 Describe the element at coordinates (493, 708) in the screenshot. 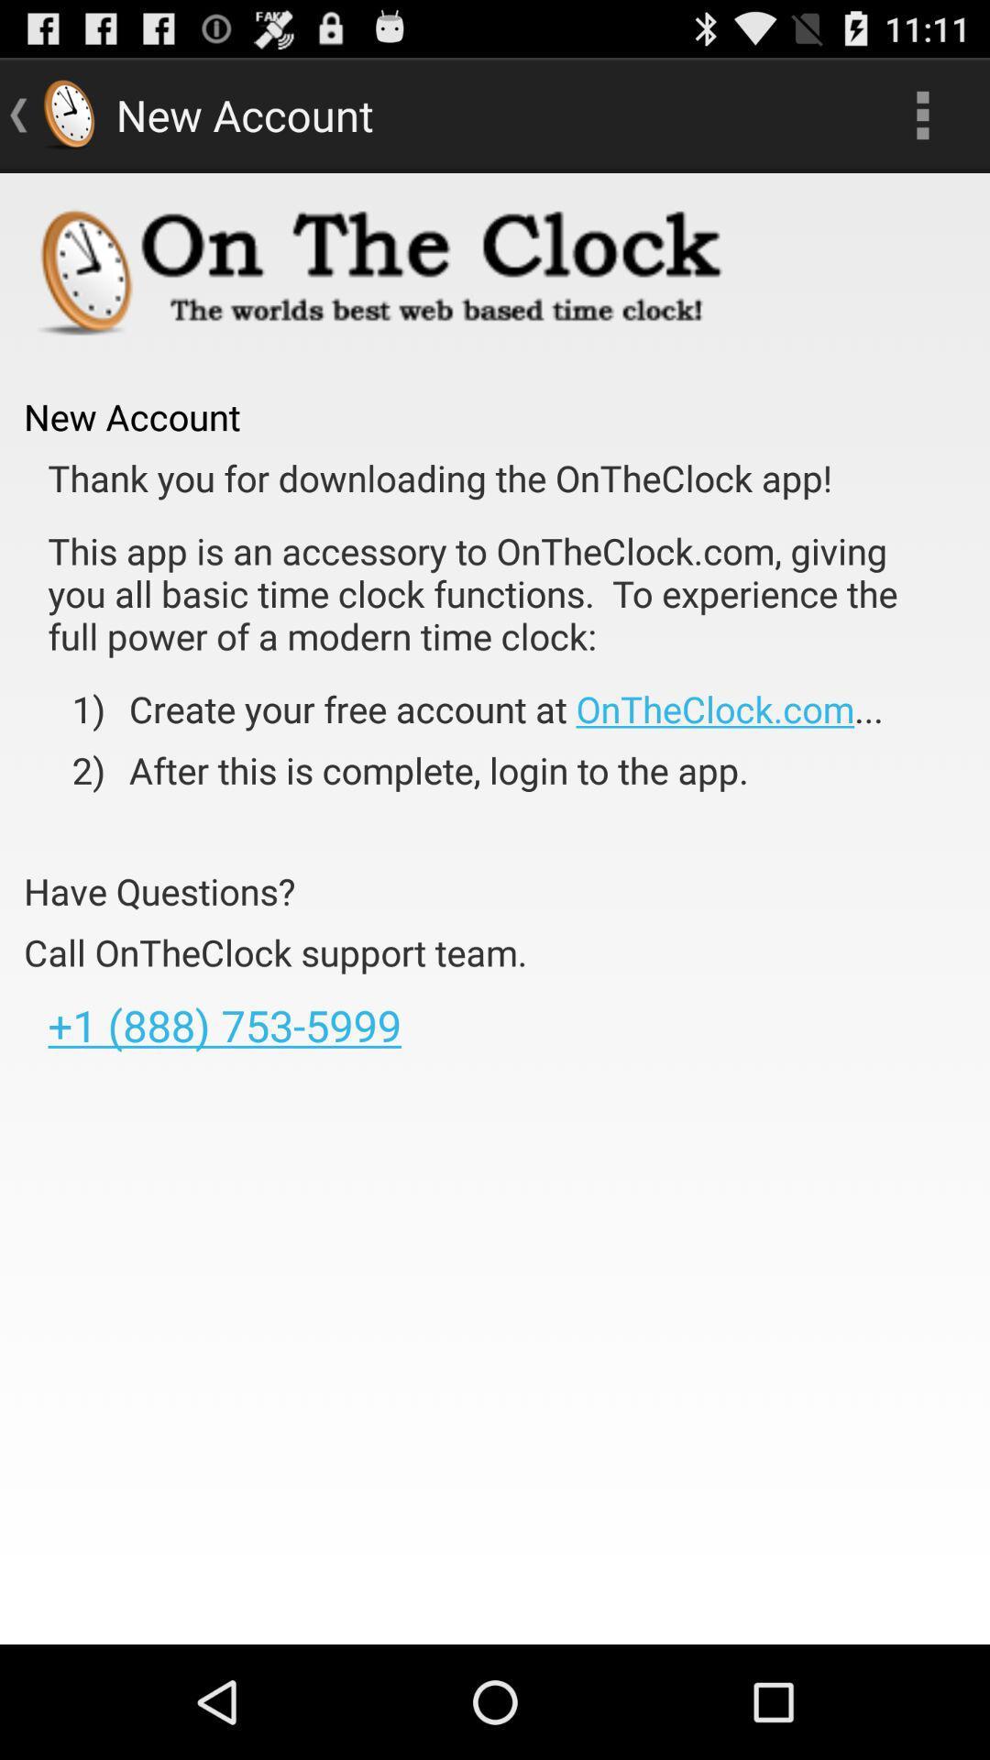

I see `the item to the right of the 1)` at that location.